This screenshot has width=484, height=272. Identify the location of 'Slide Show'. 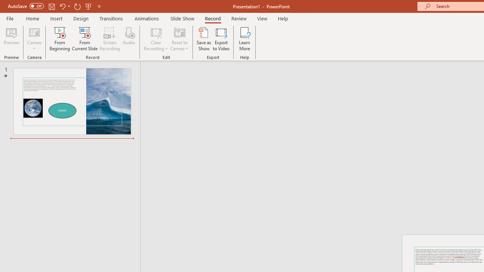
(182, 18).